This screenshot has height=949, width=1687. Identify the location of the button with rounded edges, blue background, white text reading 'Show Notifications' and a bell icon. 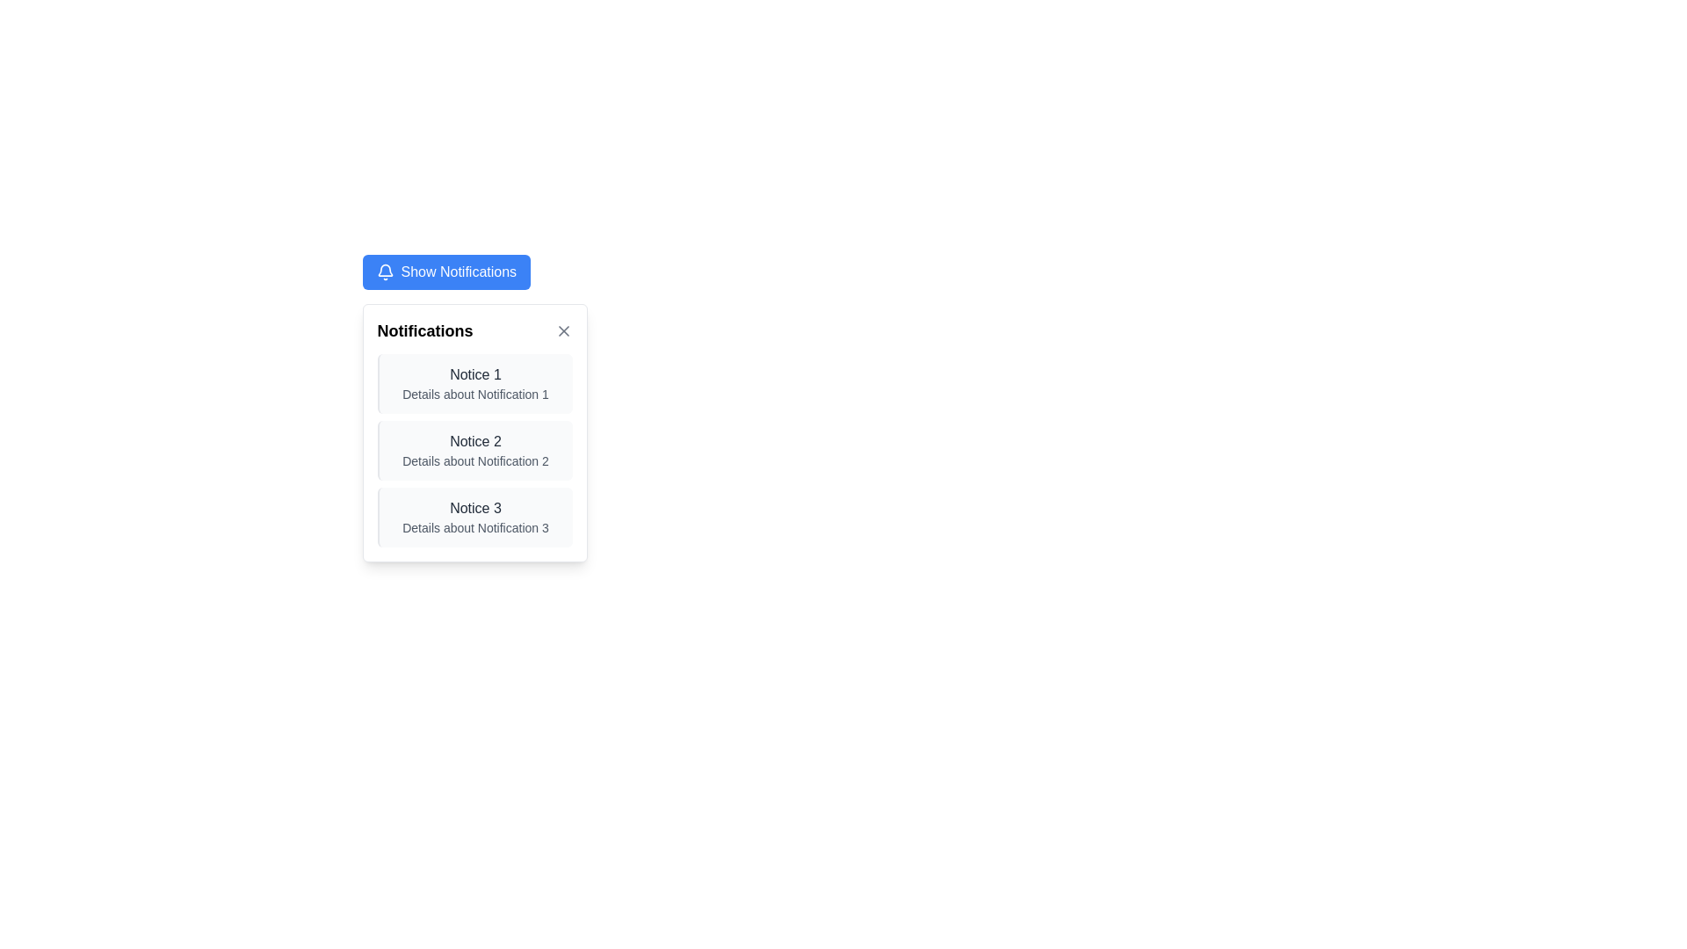
(446, 272).